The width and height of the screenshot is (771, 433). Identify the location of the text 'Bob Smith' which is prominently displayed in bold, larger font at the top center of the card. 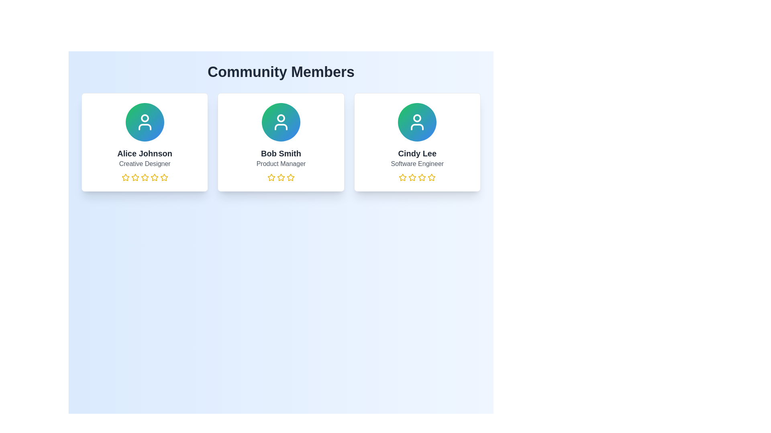
(281, 153).